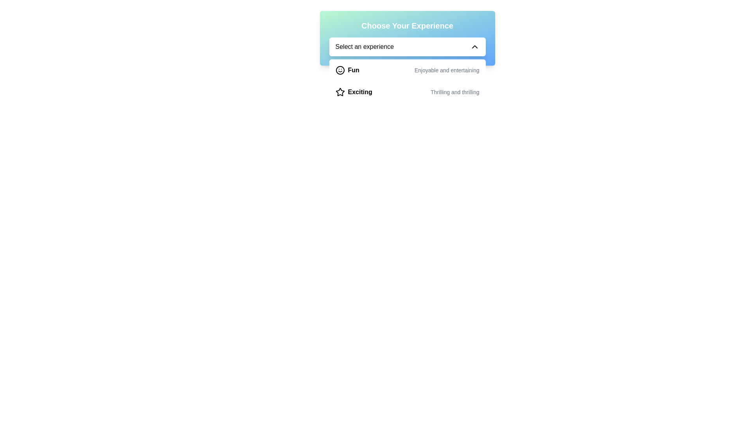 This screenshot has height=422, width=751. Describe the element at coordinates (347, 70) in the screenshot. I see `the selectable list item labeled 'Fun' which includes a smiling face icon and bold text` at that location.